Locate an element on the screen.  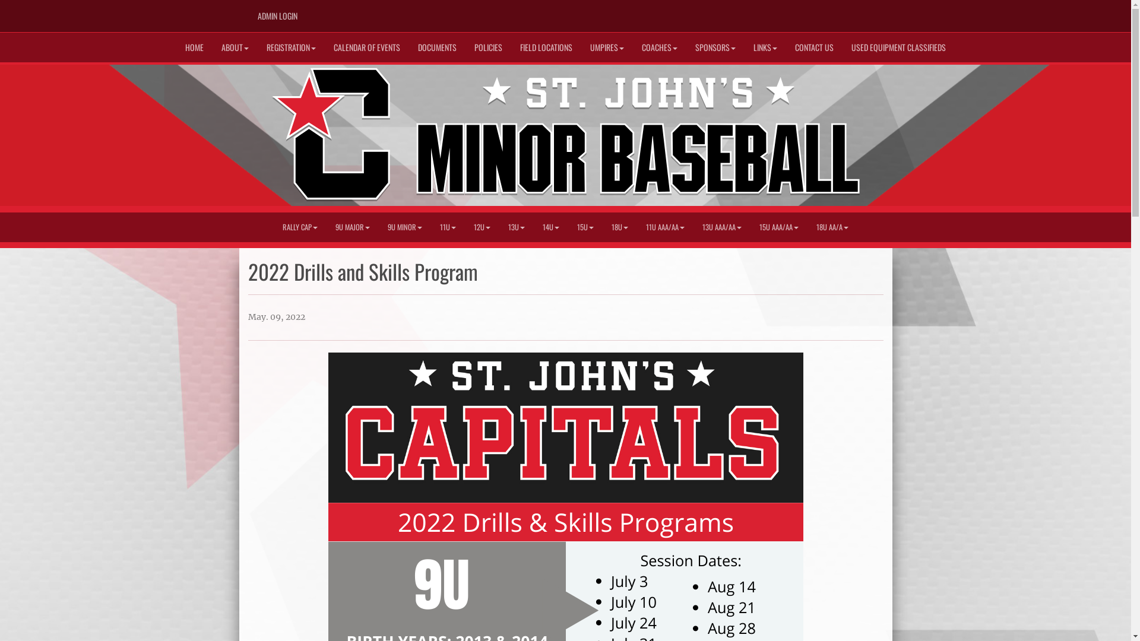
'13U' is located at coordinates (516, 227).